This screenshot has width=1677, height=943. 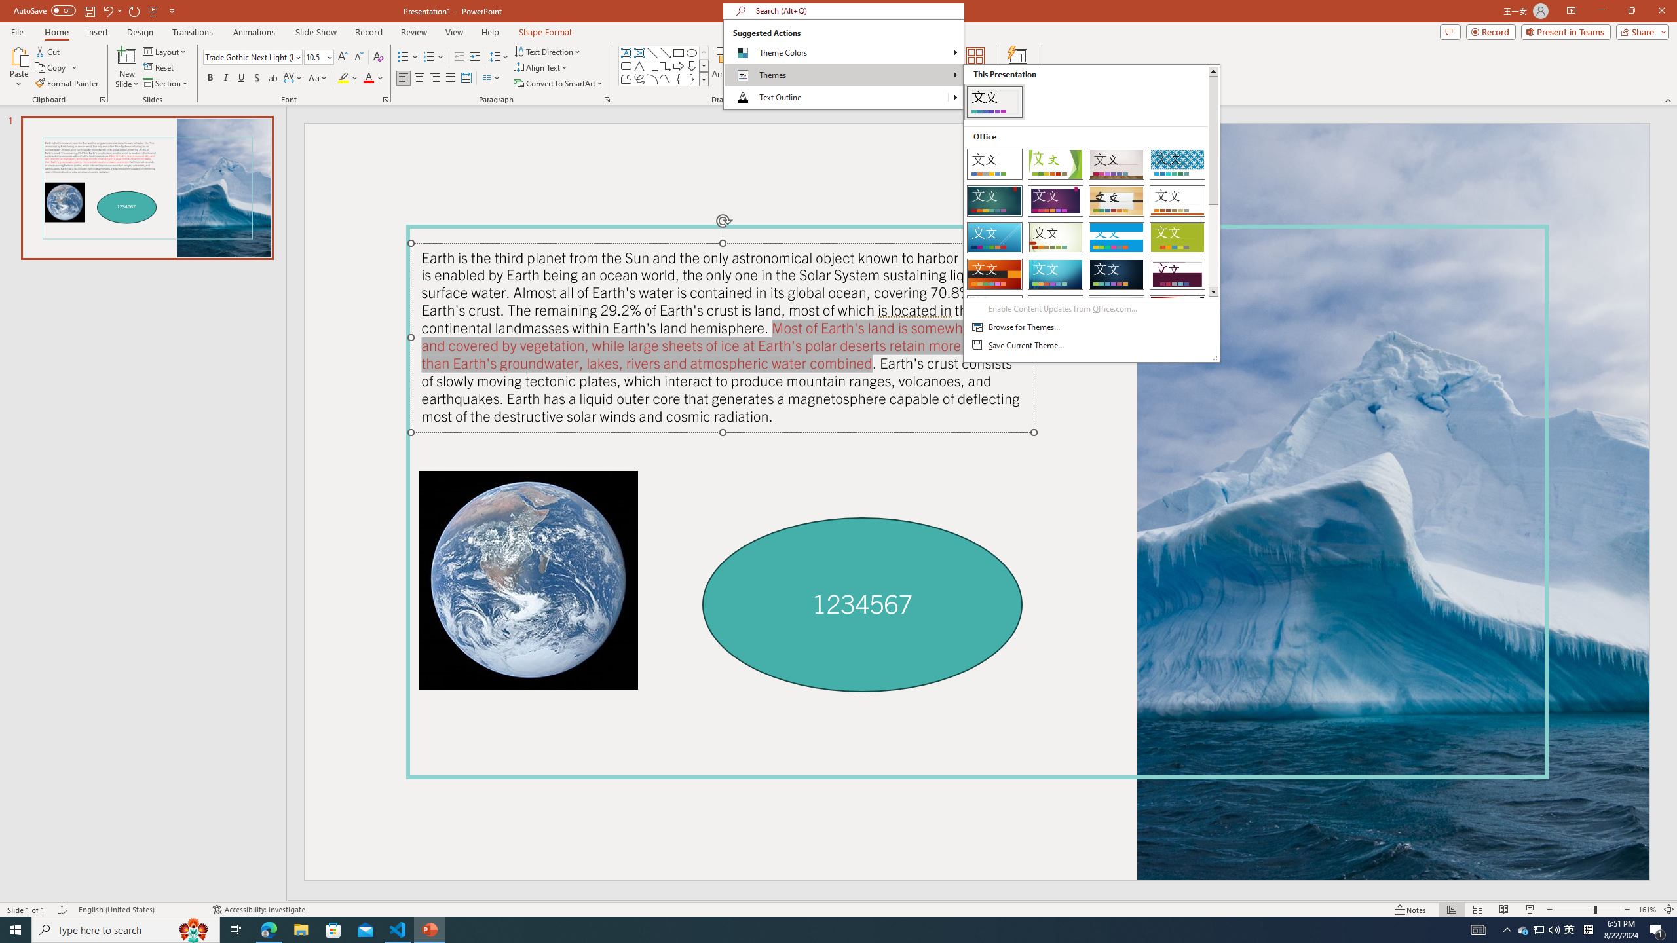 I want to click on 'Right Brace', so click(x=691, y=78).